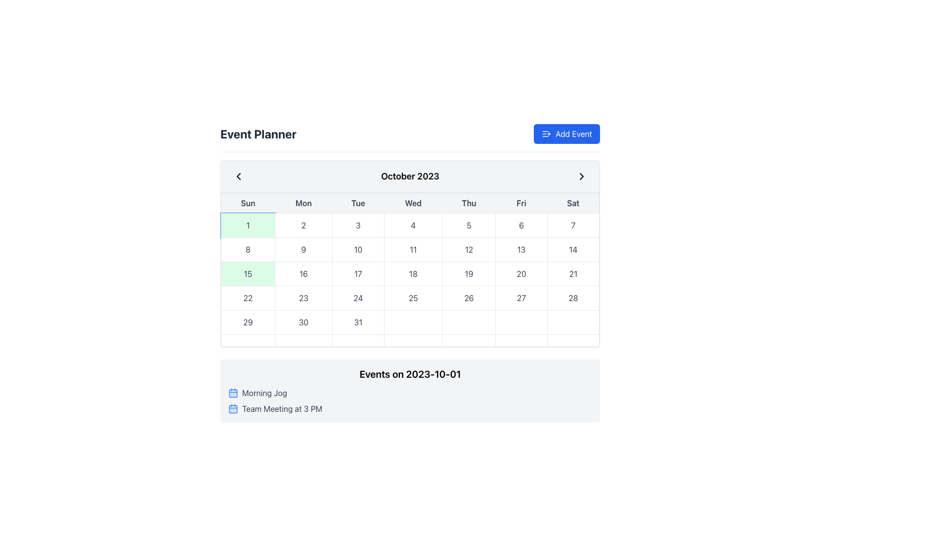 Image resolution: width=949 pixels, height=534 pixels. Describe the element at coordinates (232, 408) in the screenshot. I see `the calendar icon that indicates 'Team Meeting at 3 PM', positioned at the bottom section of the interface` at that location.